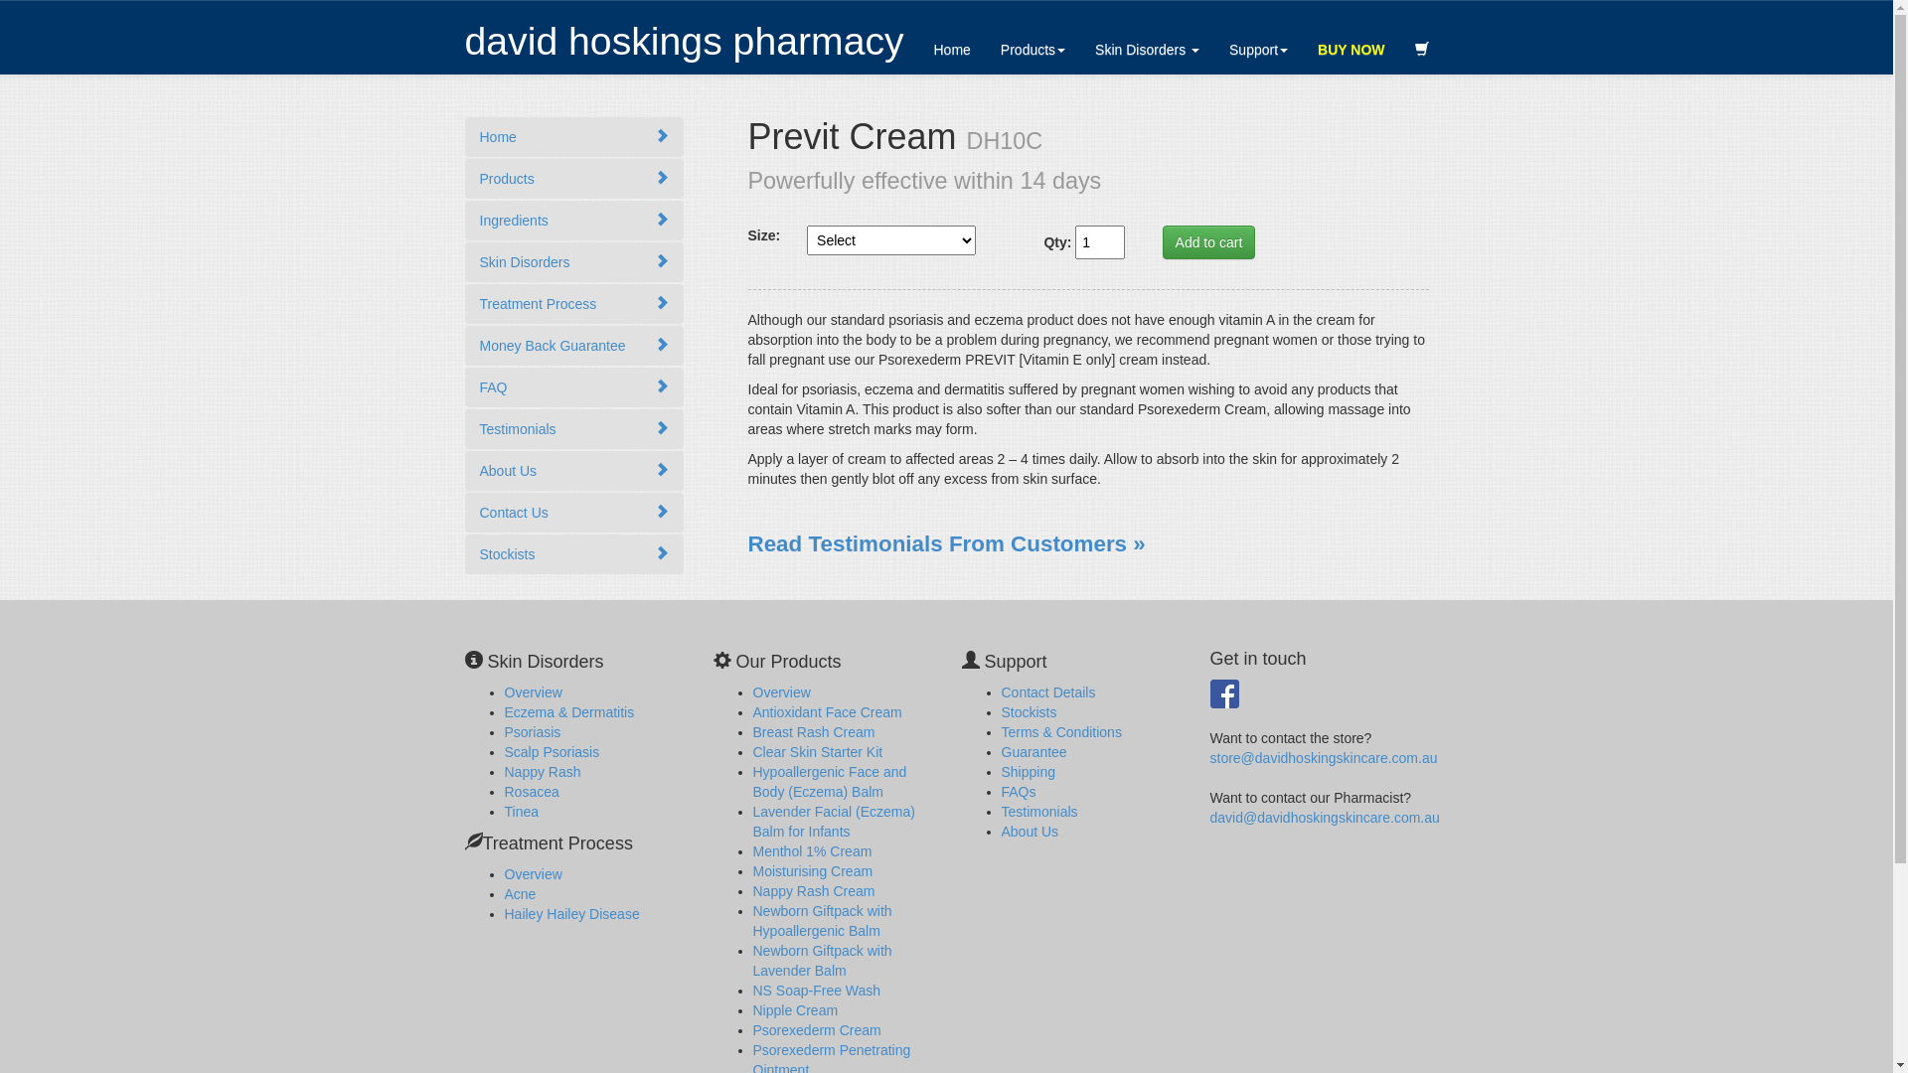 The image size is (1908, 1073). Describe the element at coordinates (752, 731) in the screenshot. I see `'Breast Rash Cream'` at that location.